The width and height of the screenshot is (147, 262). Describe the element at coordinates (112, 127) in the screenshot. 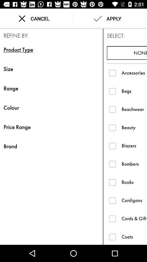

I see `beauty option` at that location.